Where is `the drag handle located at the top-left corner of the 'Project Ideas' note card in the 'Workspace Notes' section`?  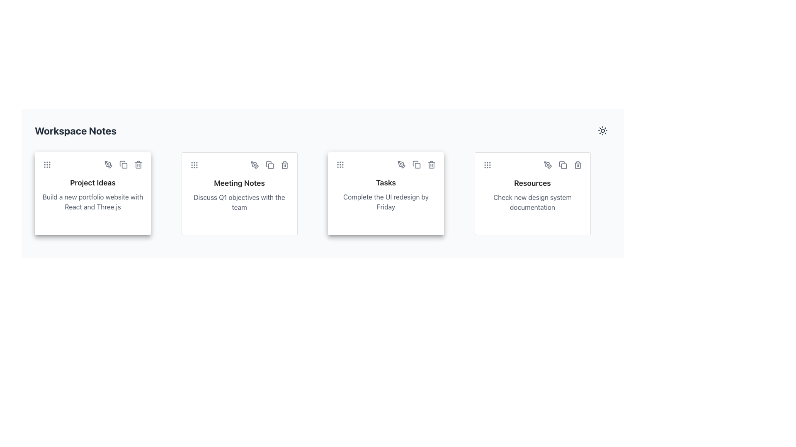 the drag handle located at the top-left corner of the 'Project Ideas' note card in the 'Workspace Notes' section is located at coordinates (47, 164).